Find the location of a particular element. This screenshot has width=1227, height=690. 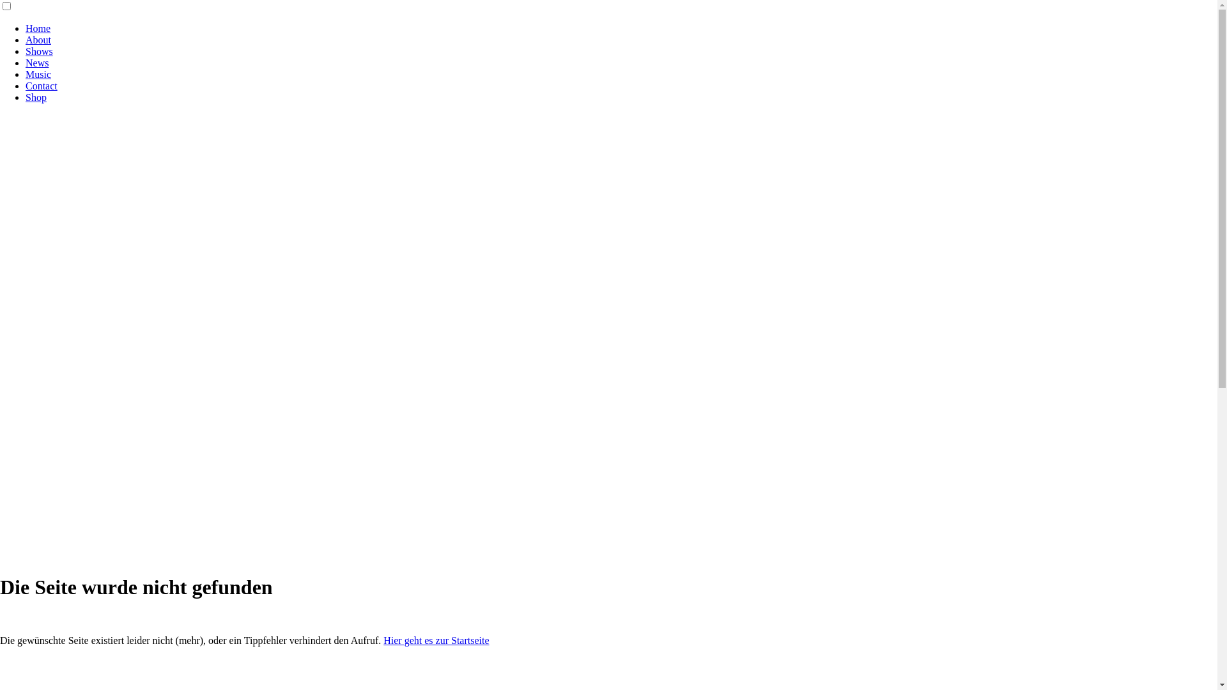

'Hier geht es zur Startseite' is located at coordinates (436, 640).